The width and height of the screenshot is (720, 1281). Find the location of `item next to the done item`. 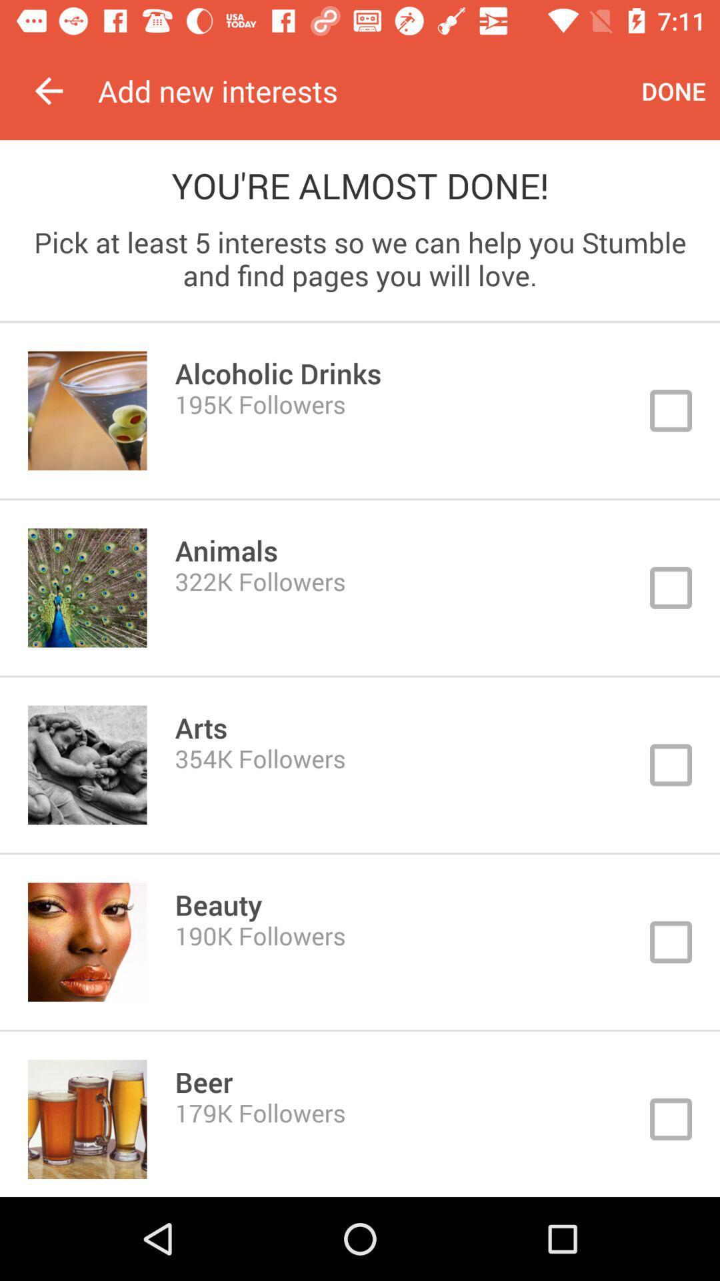

item next to the done item is located at coordinates (363, 90).